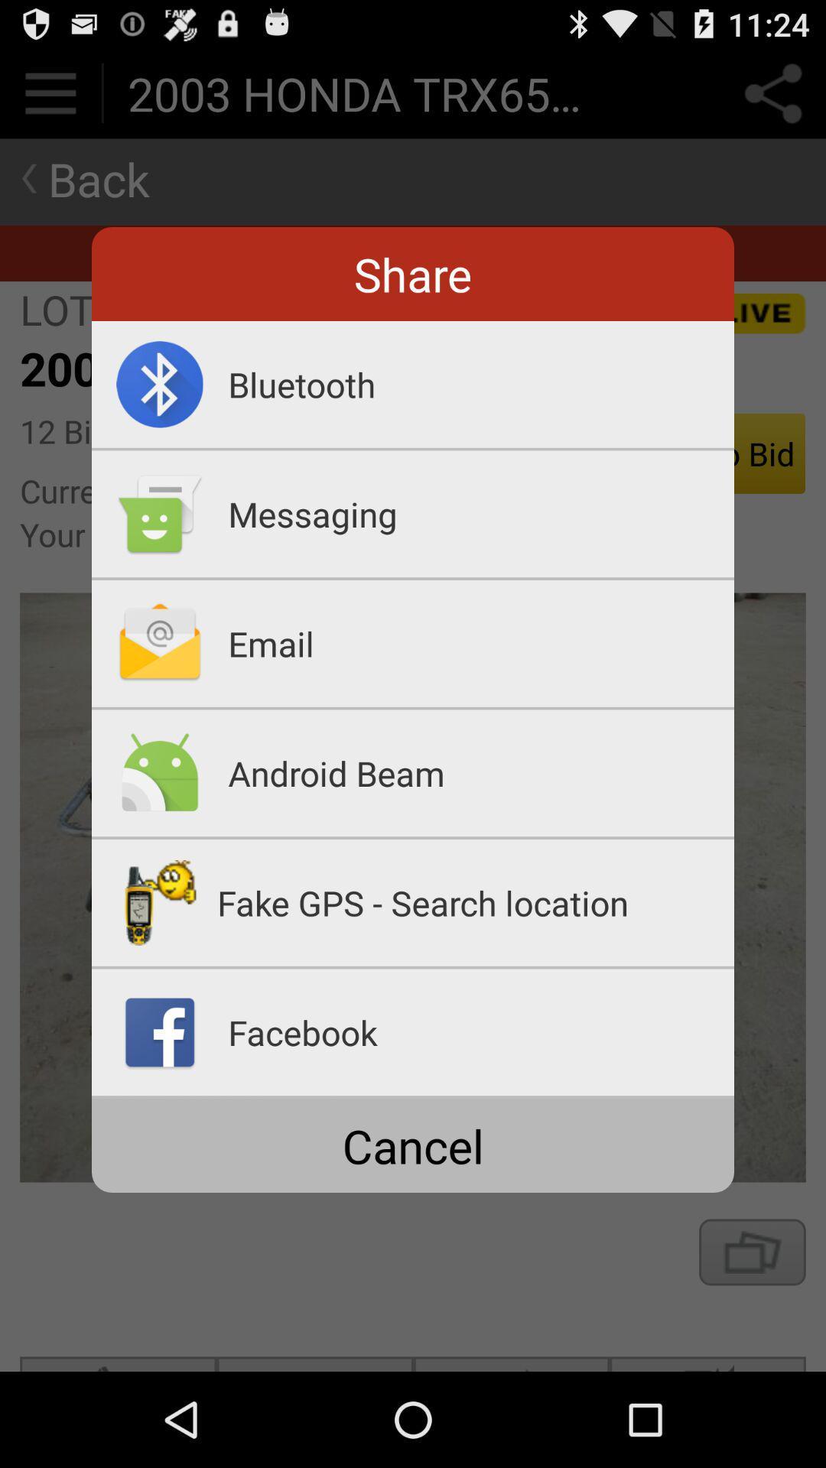 Image resolution: width=826 pixels, height=1468 pixels. I want to click on messaging icon, so click(480, 514).